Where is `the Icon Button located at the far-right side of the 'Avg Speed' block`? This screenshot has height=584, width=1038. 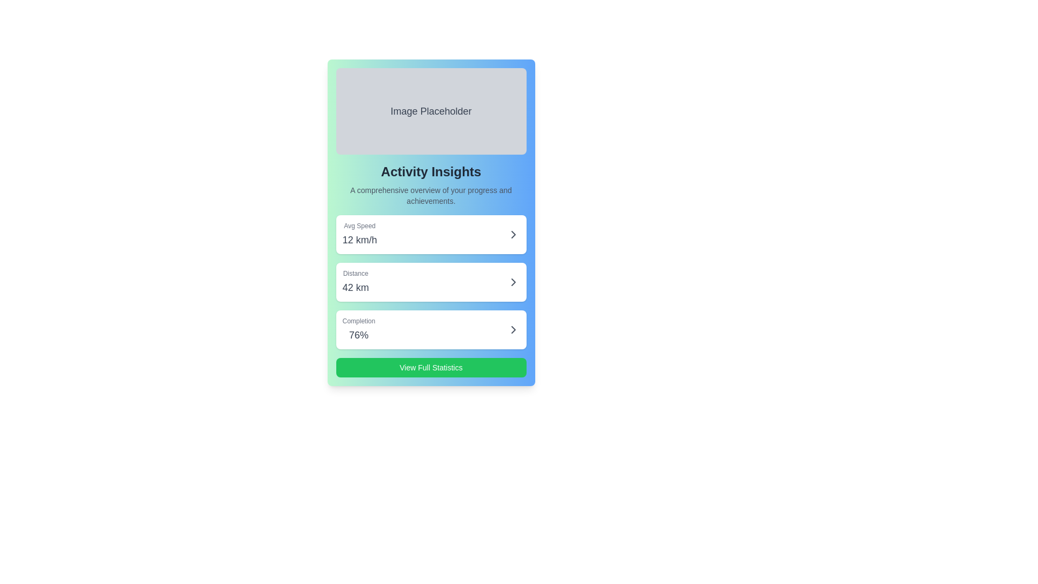 the Icon Button located at the far-right side of the 'Avg Speed' block is located at coordinates (513, 234).